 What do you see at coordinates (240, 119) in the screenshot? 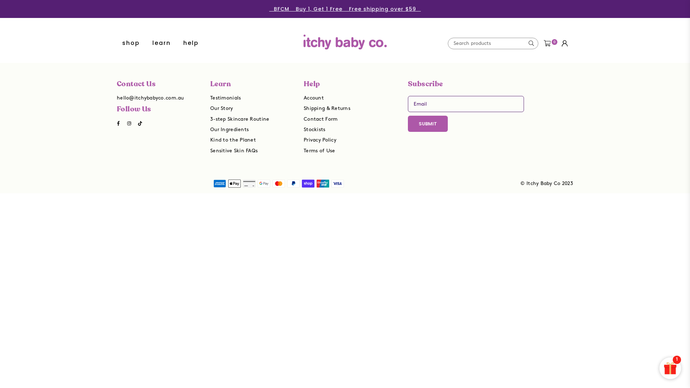
I see `'3-step Skincare Routine'` at bounding box center [240, 119].